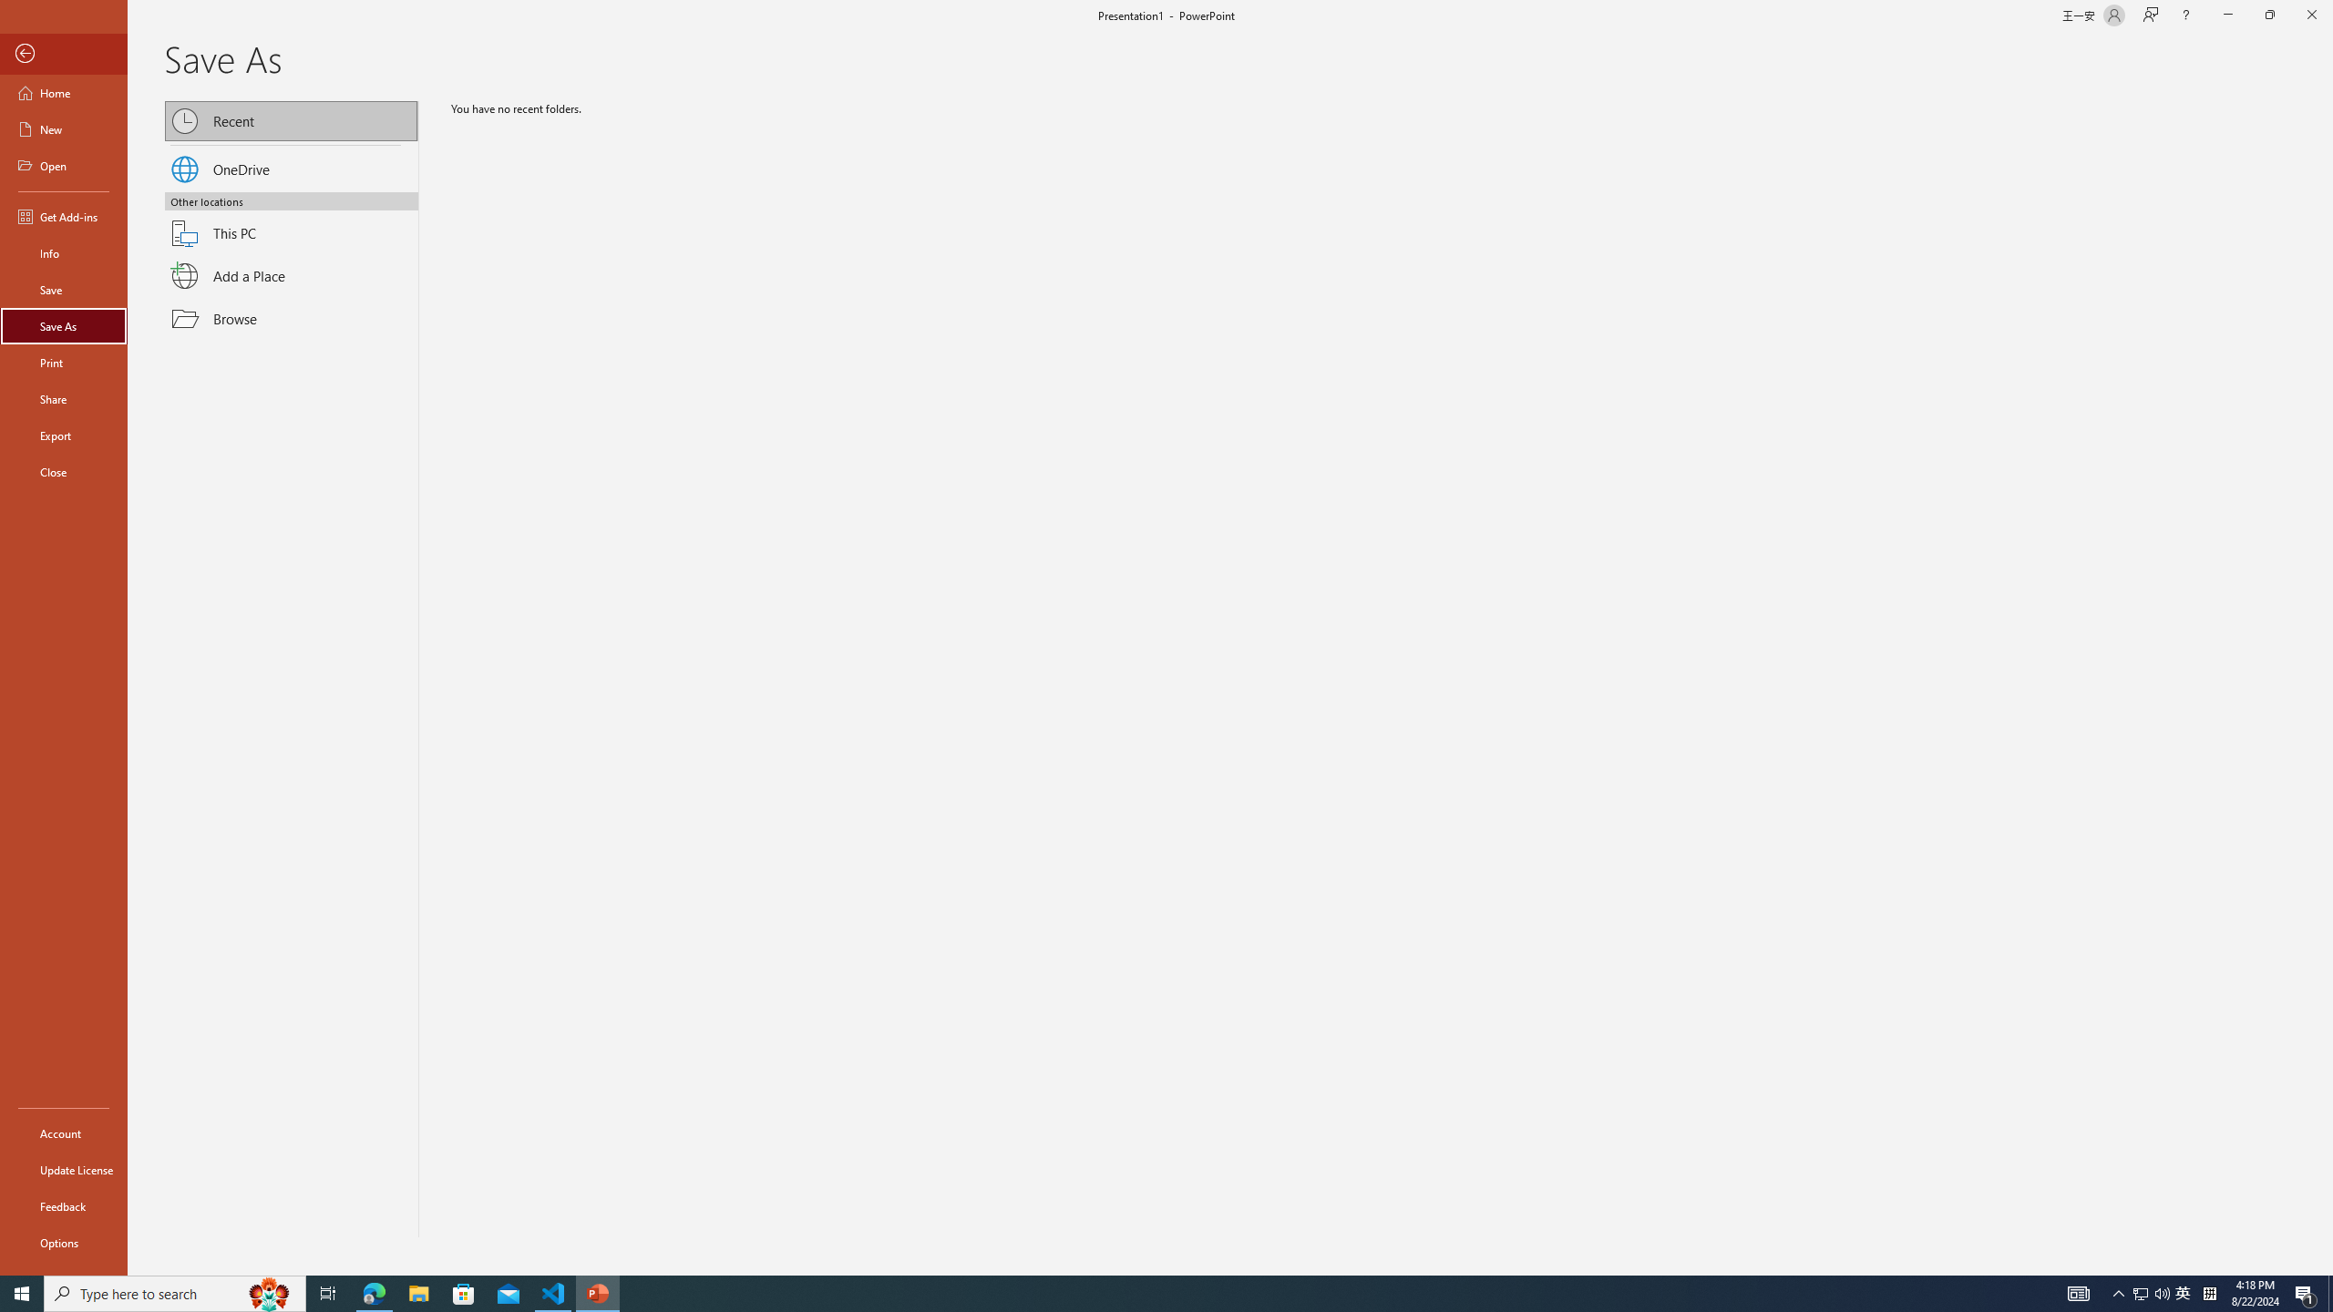  What do you see at coordinates (63, 1169) in the screenshot?
I see `'Update License'` at bounding box center [63, 1169].